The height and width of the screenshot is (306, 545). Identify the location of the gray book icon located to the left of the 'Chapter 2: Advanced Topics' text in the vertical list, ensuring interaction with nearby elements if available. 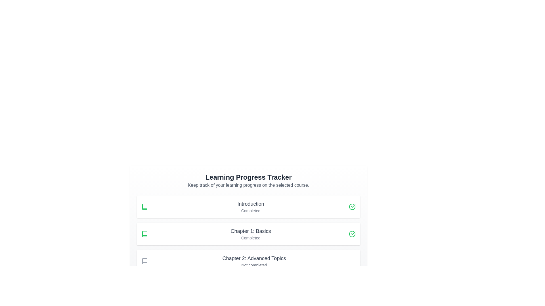
(144, 261).